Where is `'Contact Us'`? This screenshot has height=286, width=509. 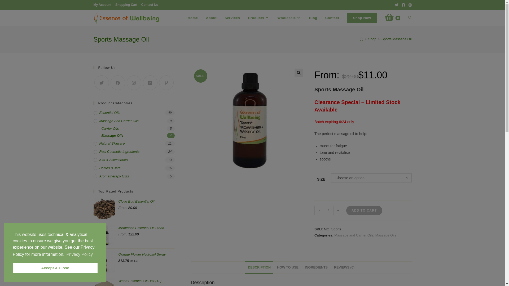
'Contact Us' is located at coordinates (149, 5).